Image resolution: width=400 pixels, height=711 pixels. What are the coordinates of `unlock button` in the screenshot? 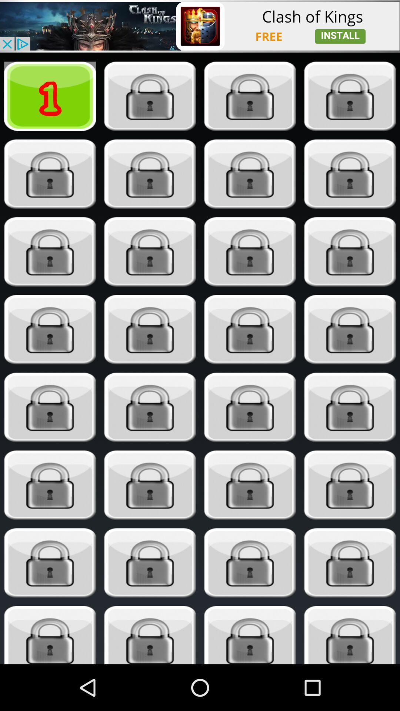 It's located at (250, 485).